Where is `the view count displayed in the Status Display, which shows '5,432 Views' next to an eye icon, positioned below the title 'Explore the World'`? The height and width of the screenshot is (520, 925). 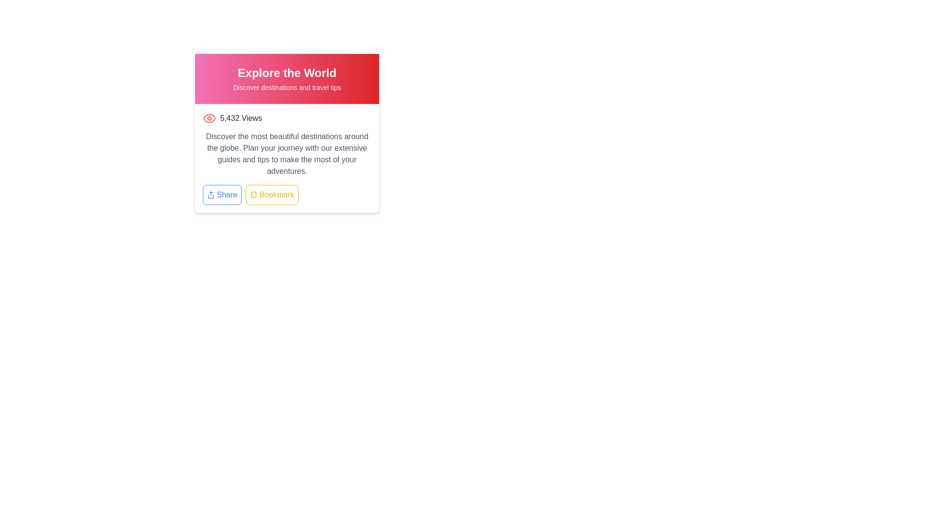 the view count displayed in the Status Display, which shows '5,432 Views' next to an eye icon, positioned below the title 'Explore the World' is located at coordinates (286, 118).